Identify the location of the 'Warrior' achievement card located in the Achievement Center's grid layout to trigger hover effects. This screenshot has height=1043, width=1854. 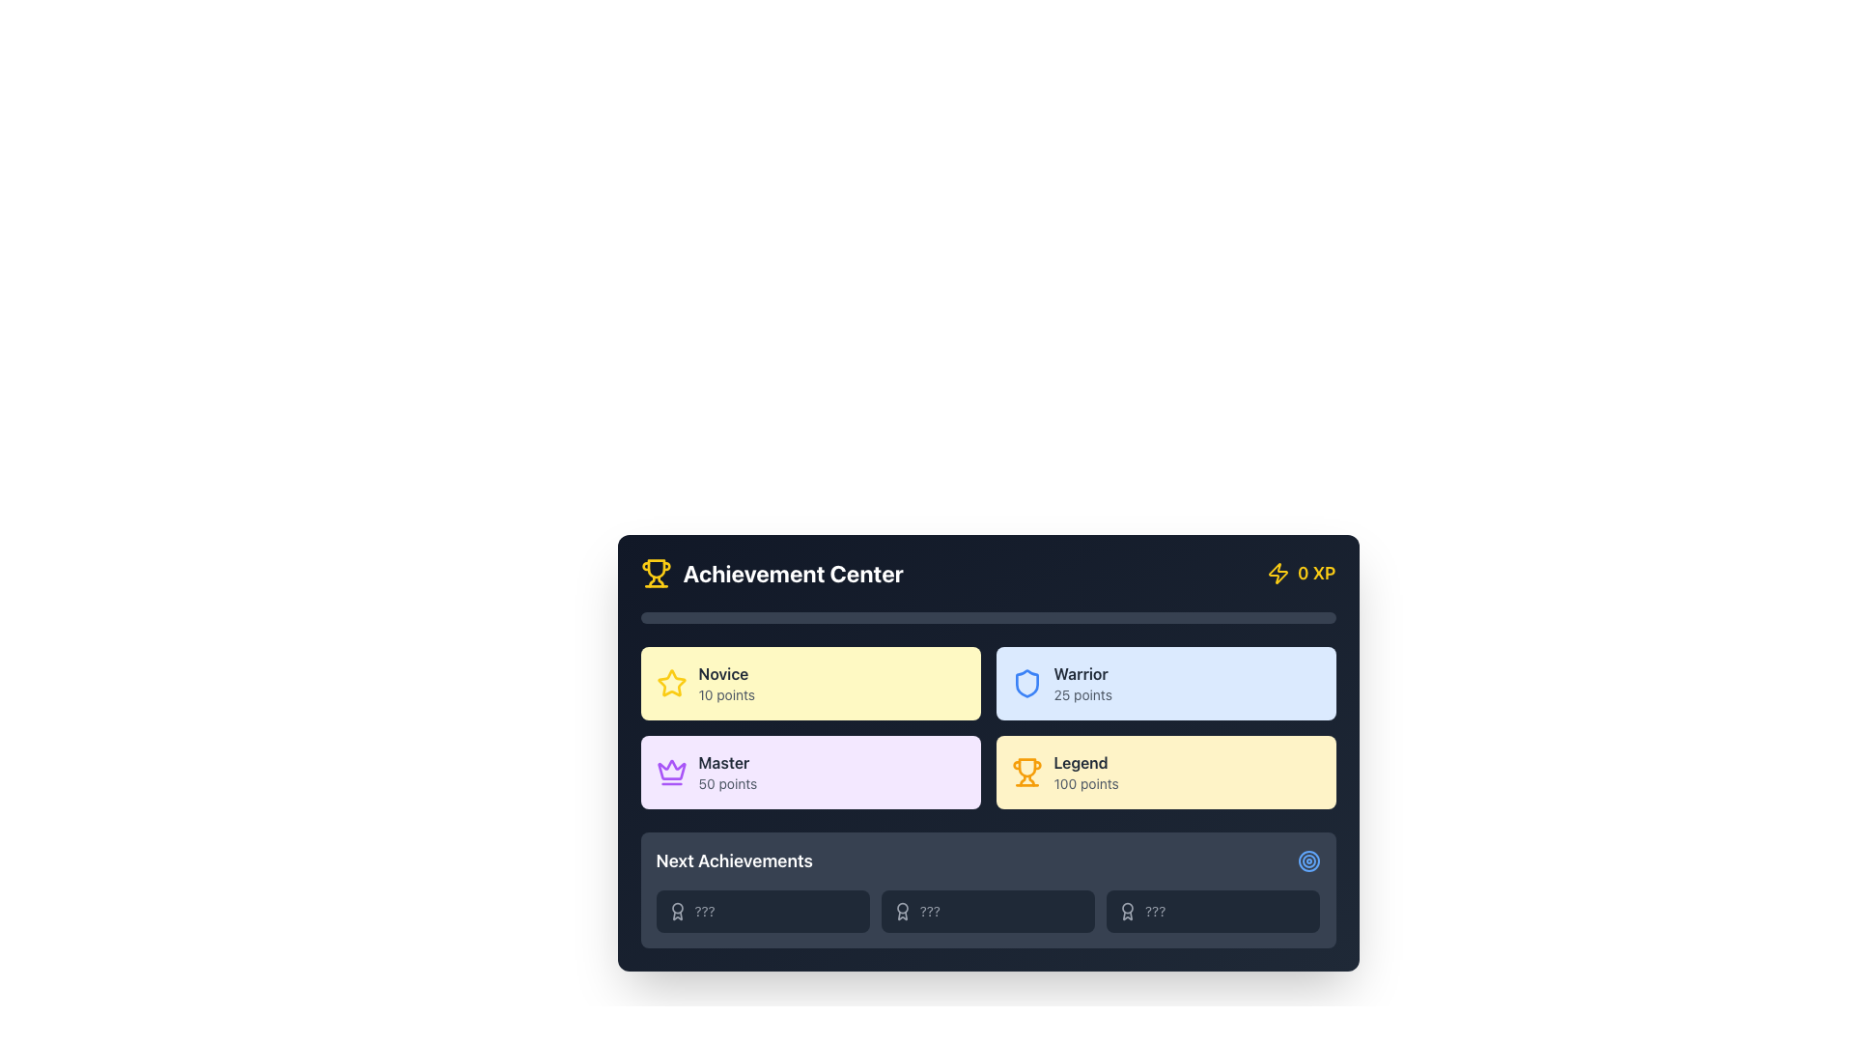
(1165, 683).